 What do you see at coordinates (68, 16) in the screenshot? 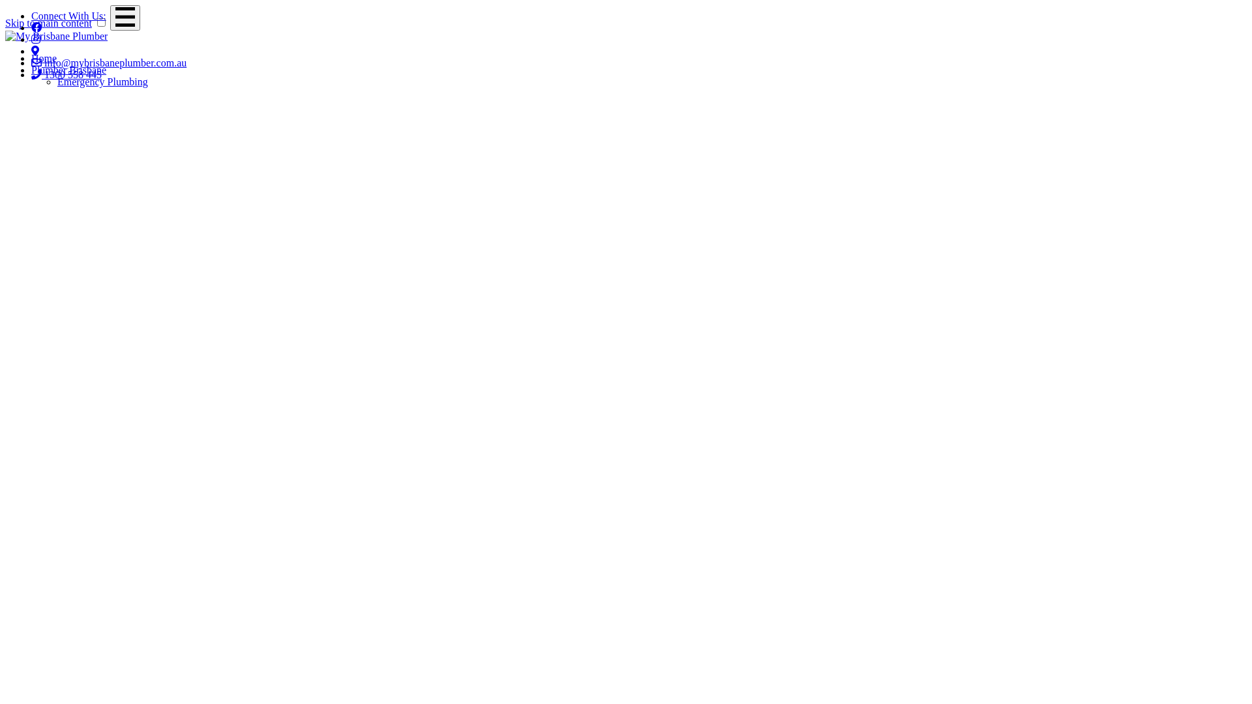
I see `'Connect With Us:'` at bounding box center [68, 16].